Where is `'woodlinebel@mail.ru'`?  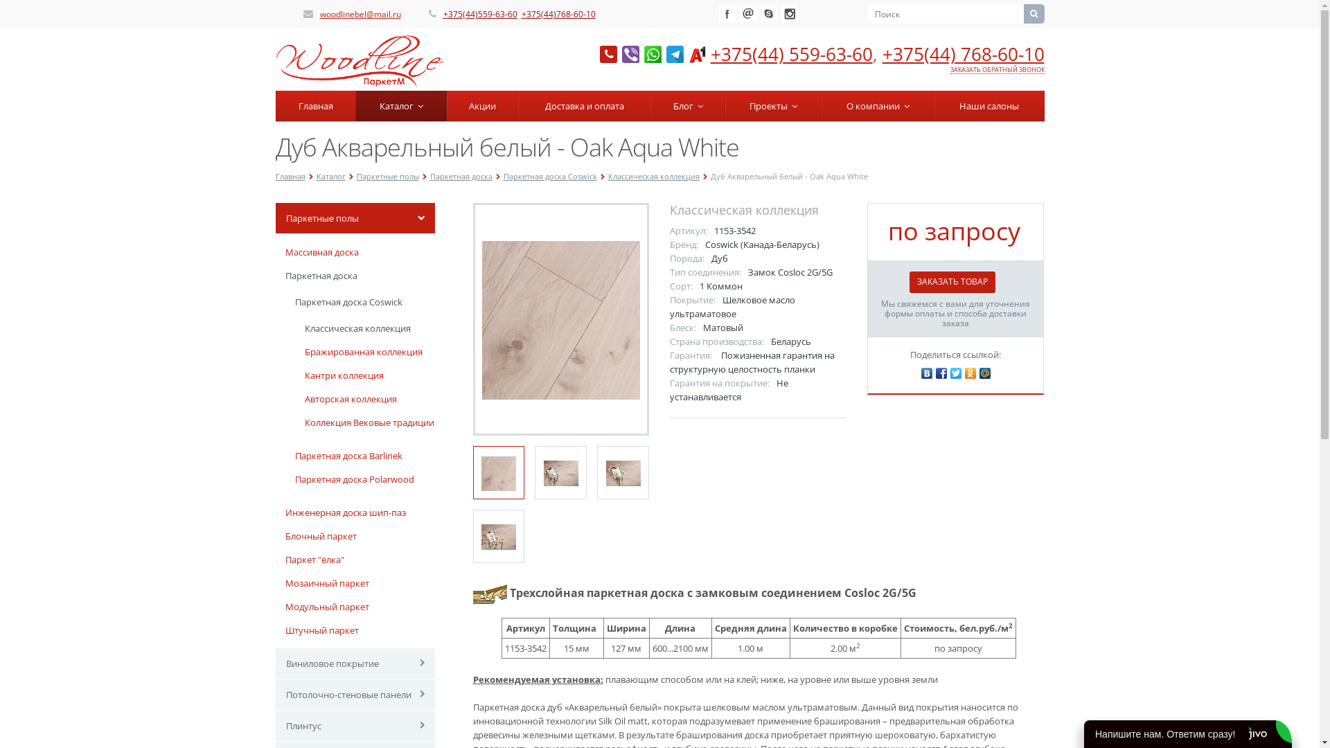
'woodlinebel@mail.ru' is located at coordinates (319, 14).